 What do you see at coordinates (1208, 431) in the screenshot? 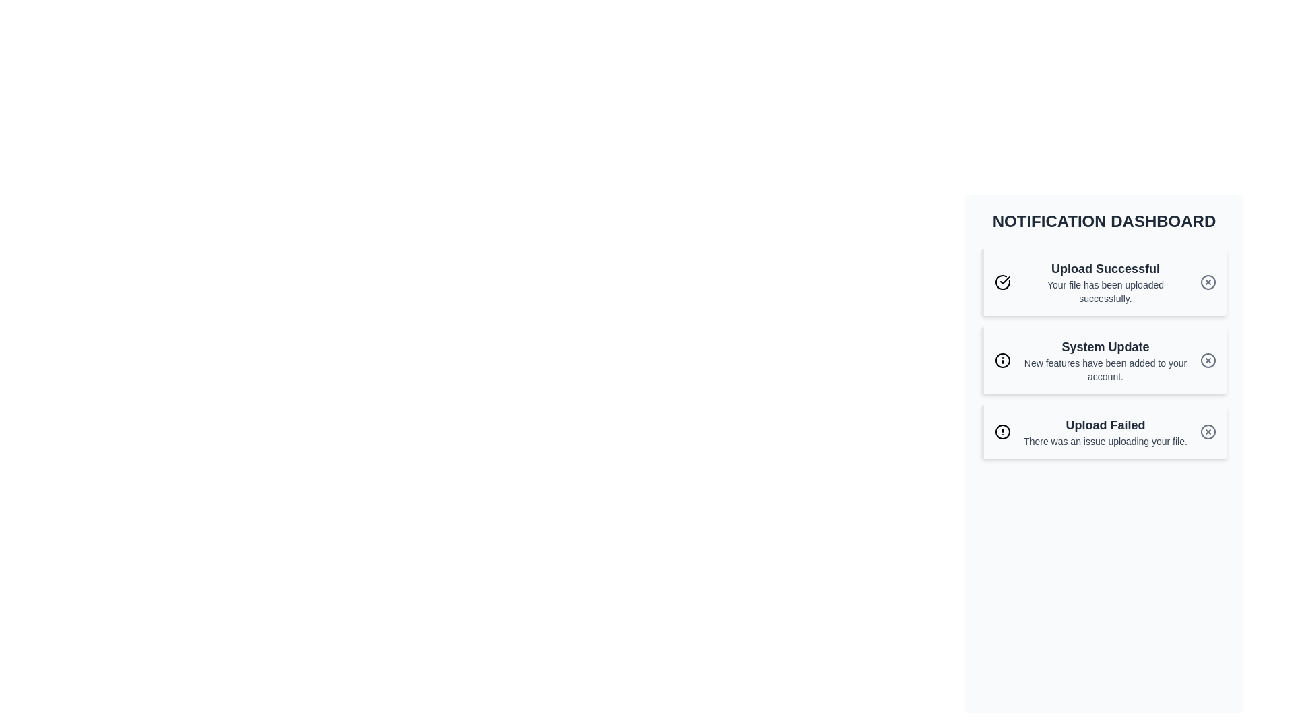
I see `the gray circular button with an 'x' icon inside, located at the far right of the 'Upload Failed' notification block, to trigger the hover effect` at bounding box center [1208, 431].